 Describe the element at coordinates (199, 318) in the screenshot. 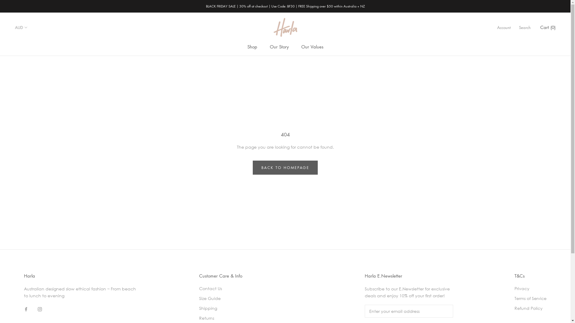

I see `'Returns'` at that location.